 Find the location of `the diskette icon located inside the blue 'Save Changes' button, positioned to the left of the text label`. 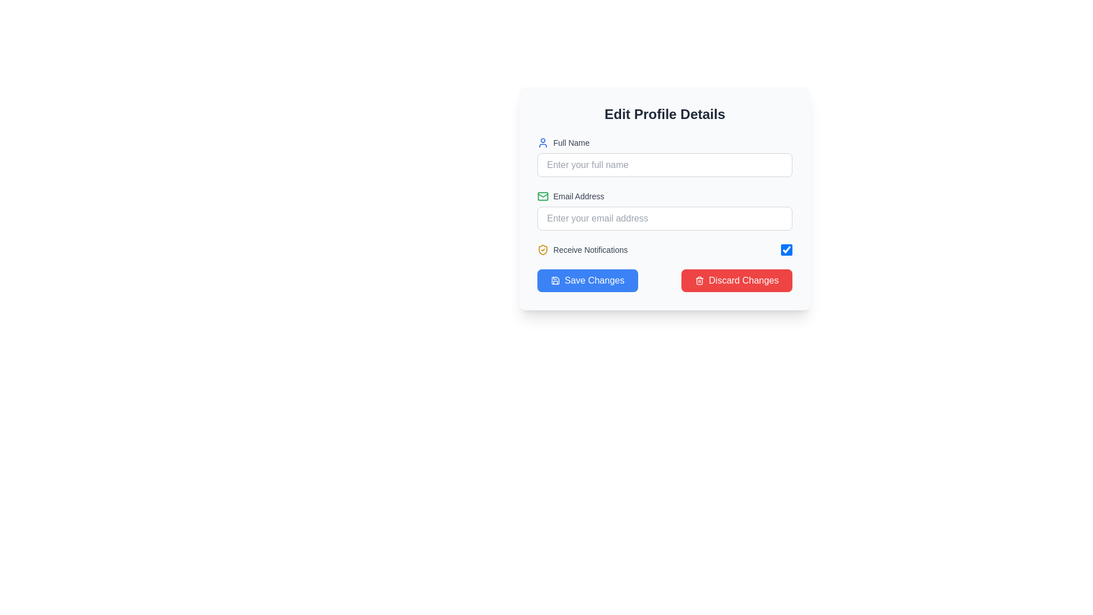

the diskette icon located inside the blue 'Save Changes' button, positioned to the left of the text label is located at coordinates (555, 281).